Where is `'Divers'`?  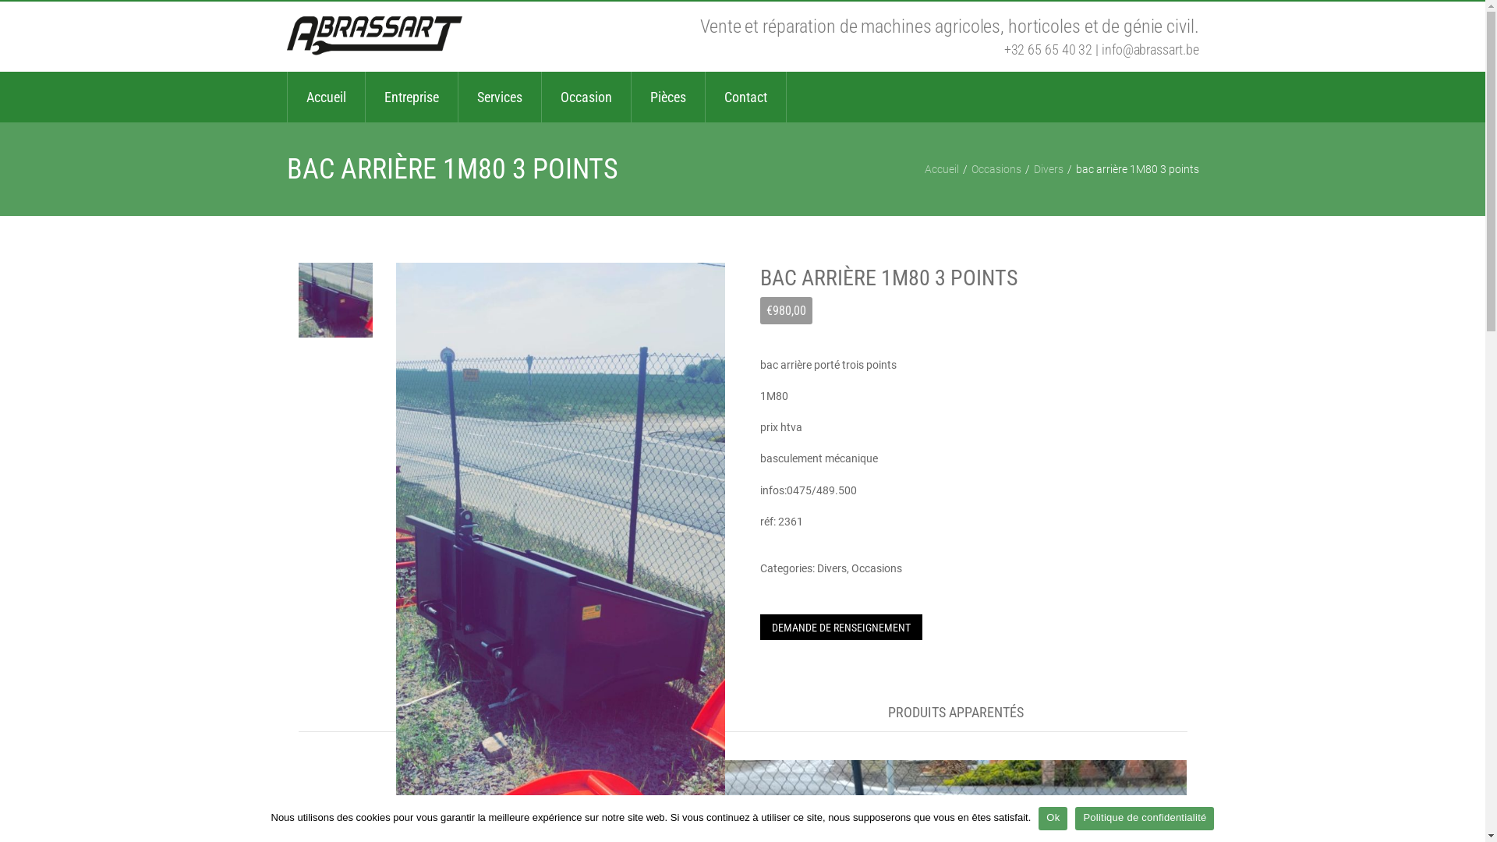
'Divers' is located at coordinates (1048, 168).